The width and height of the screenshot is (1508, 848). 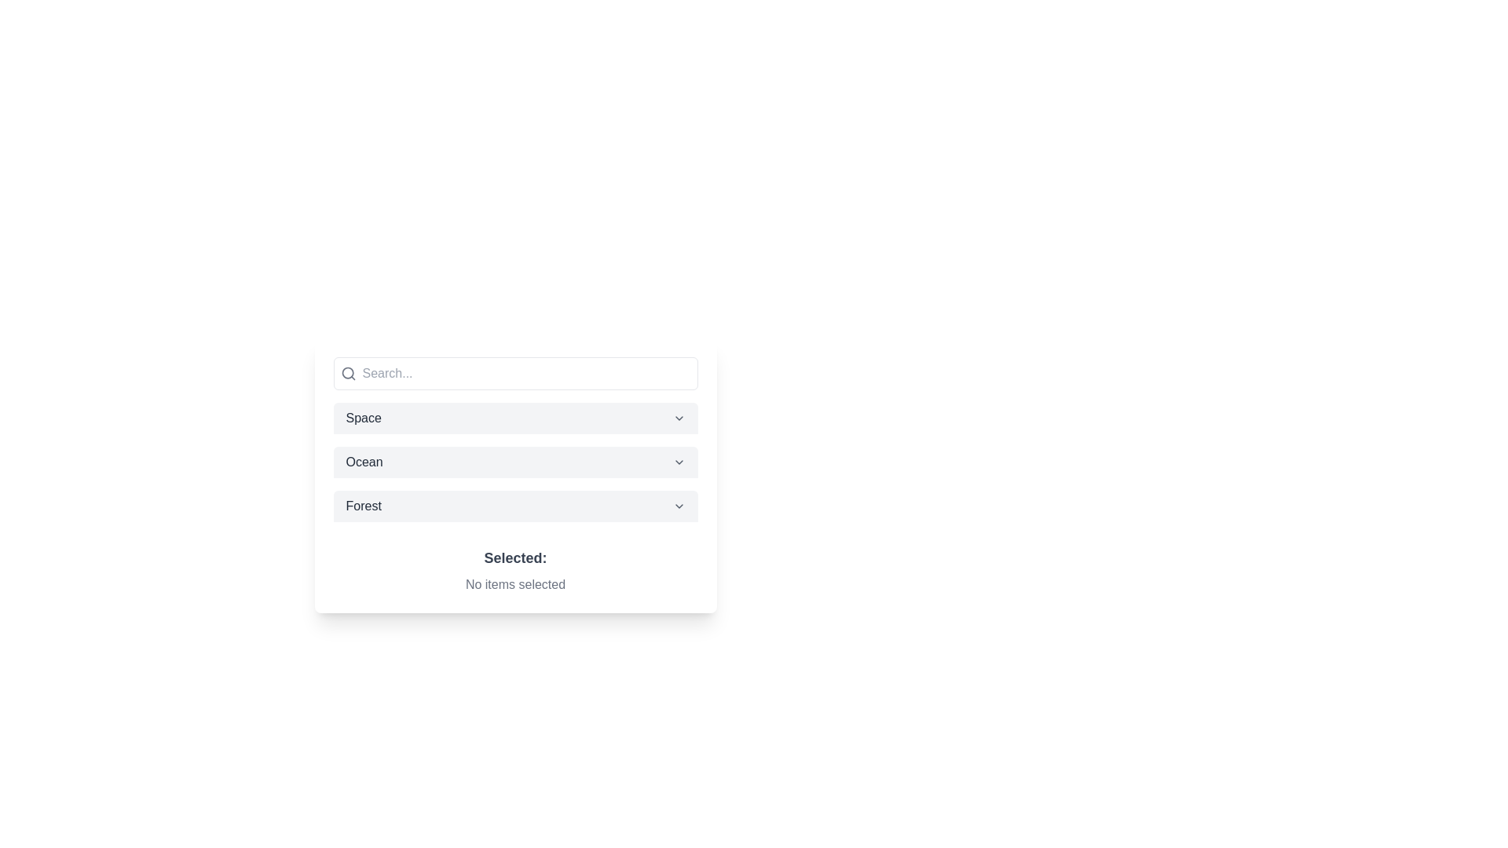 What do you see at coordinates (364, 462) in the screenshot?
I see `label of the static text element located in the dropdown menu, which identifies the second selectable option between 'Space' and 'Forest'` at bounding box center [364, 462].